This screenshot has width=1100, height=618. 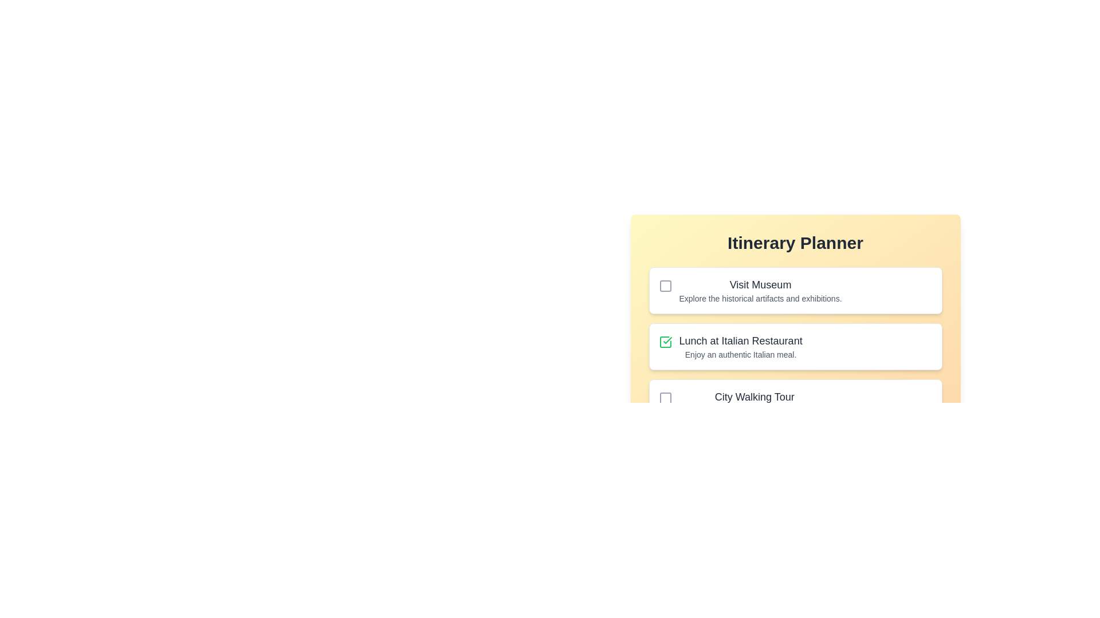 I want to click on the graphical indicator or icon representing the 'Visit Museum' item, located in the upper-left corner of the first item in the list, so click(x=665, y=286).